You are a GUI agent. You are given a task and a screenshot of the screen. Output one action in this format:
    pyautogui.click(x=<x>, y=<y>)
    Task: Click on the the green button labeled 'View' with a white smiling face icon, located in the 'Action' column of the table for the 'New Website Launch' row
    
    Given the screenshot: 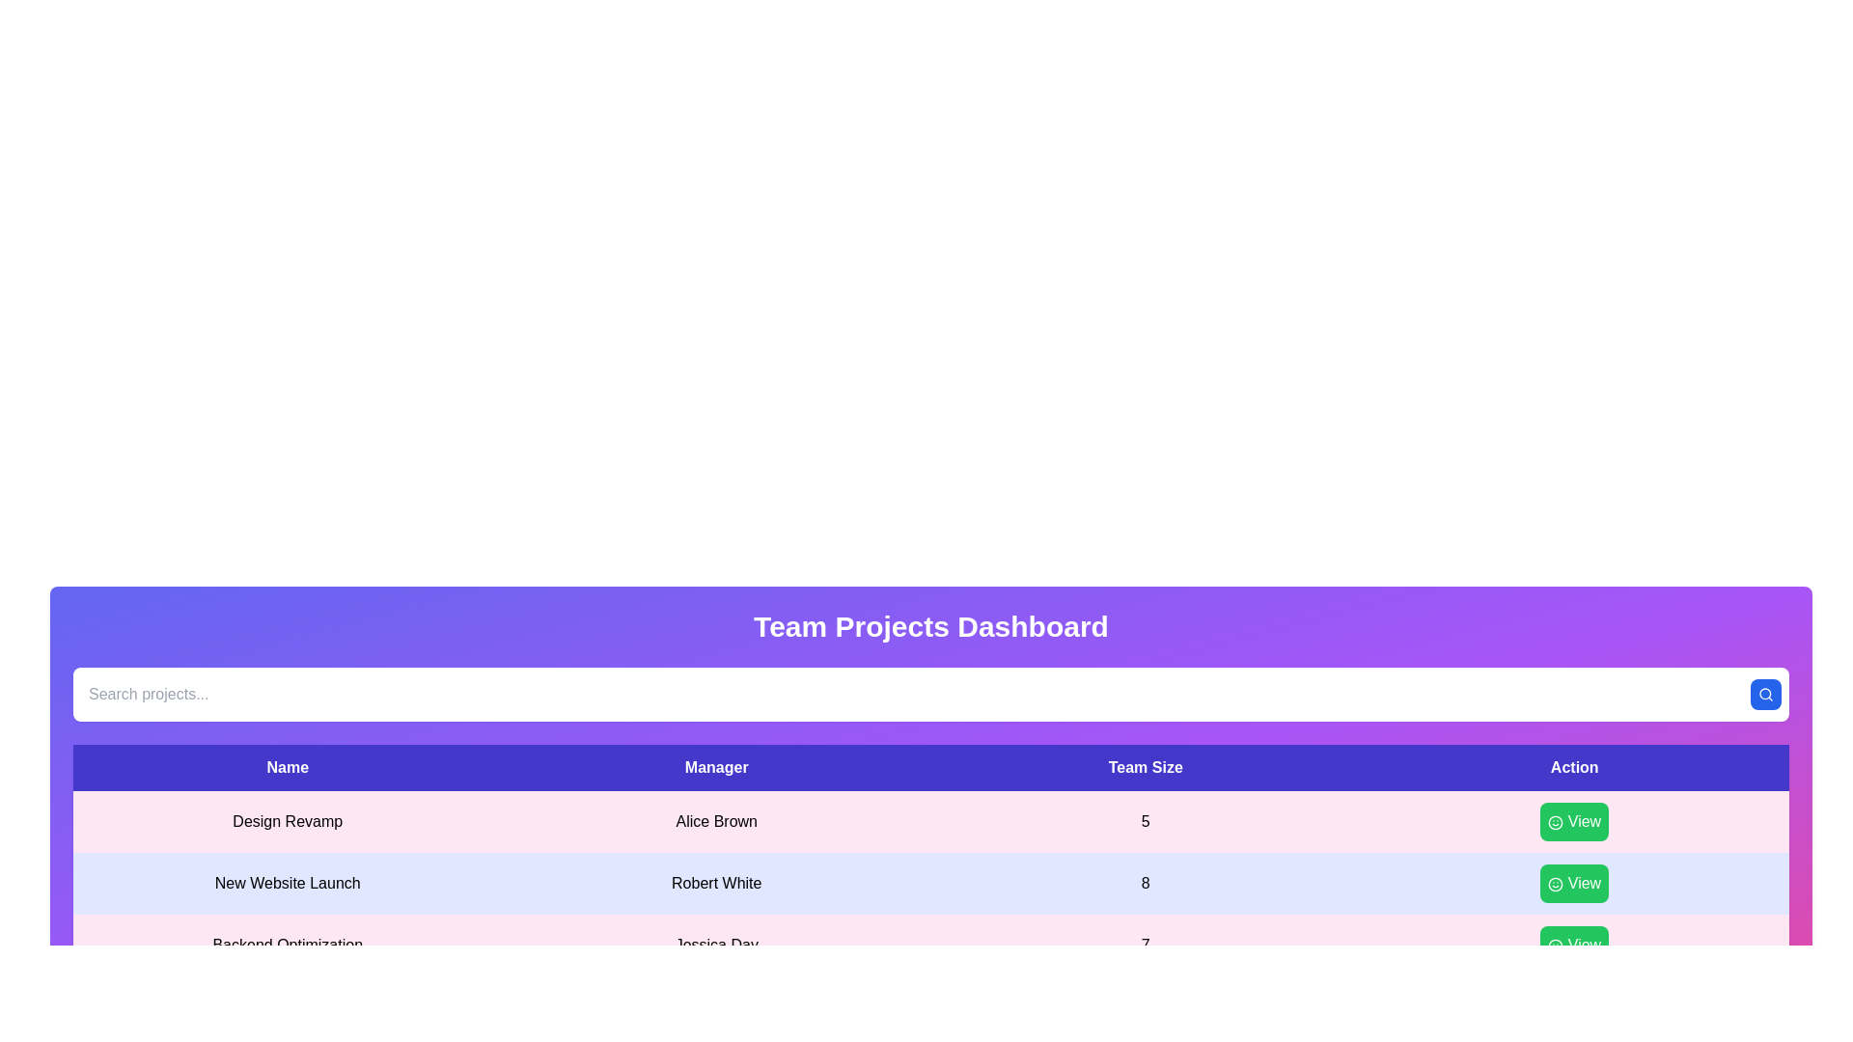 What is the action you would take?
    pyautogui.click(x=1574, y=883)
    